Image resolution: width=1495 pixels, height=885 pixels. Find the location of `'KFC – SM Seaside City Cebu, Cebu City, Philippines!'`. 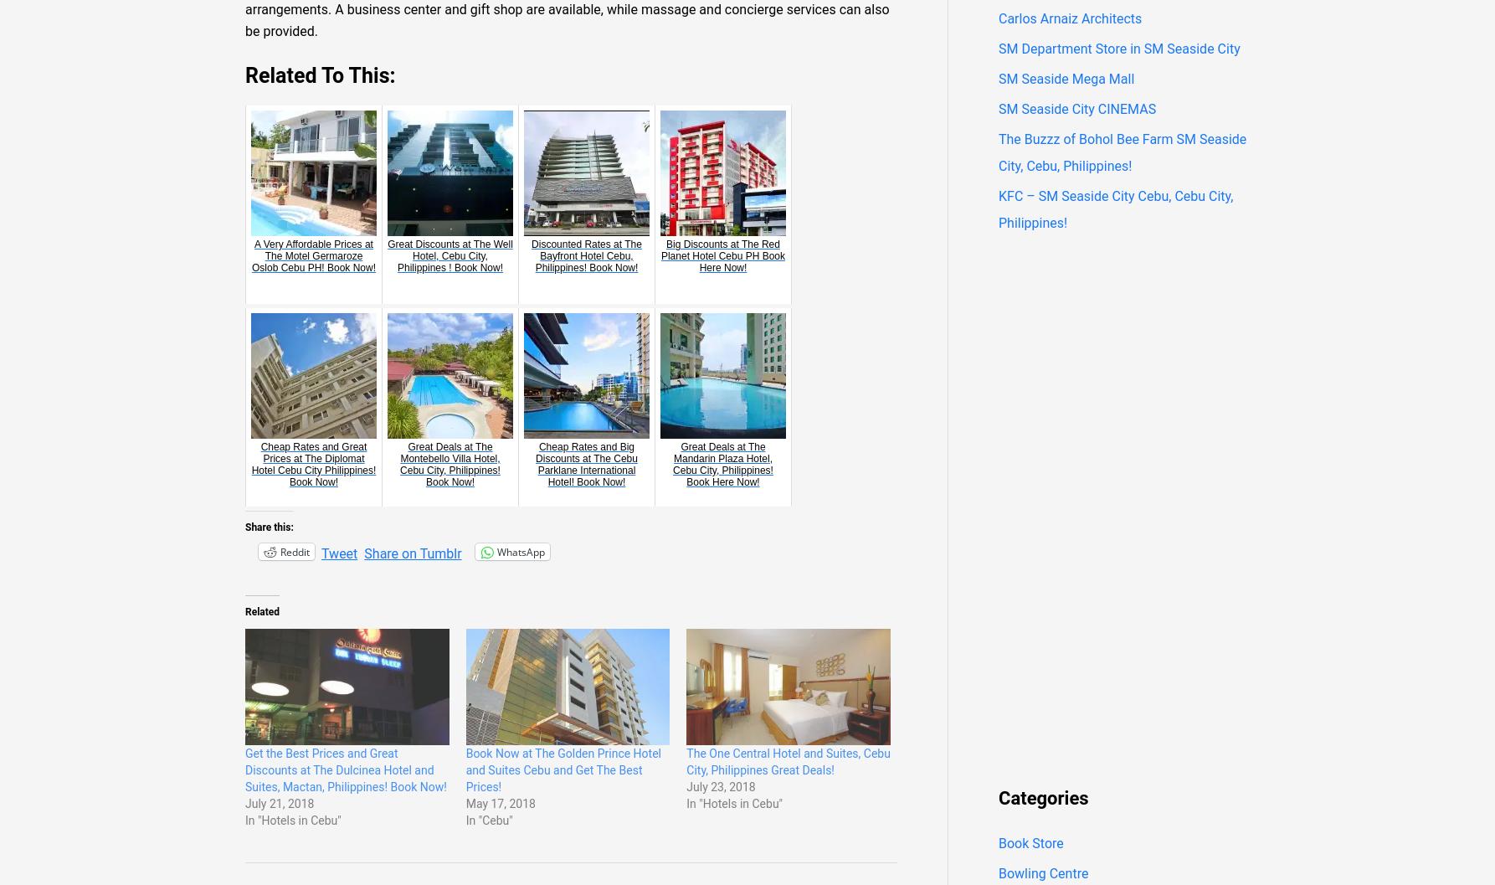

'KFC – SM Seaside City Cebu, Cebu City, Philippines!' is located at coordinates (999, 208).